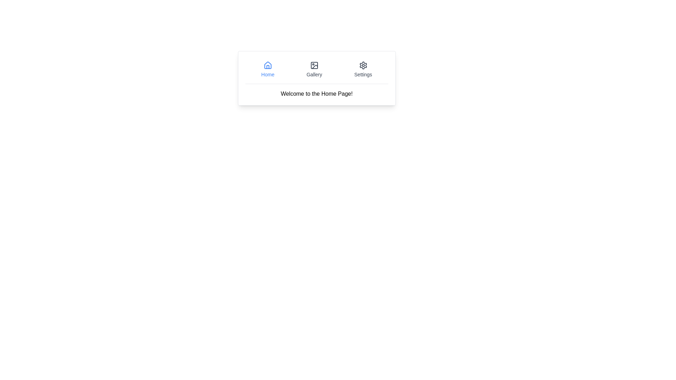  I want to click on the 'Settings' label in the top center navigation bar, so click(363, 75).